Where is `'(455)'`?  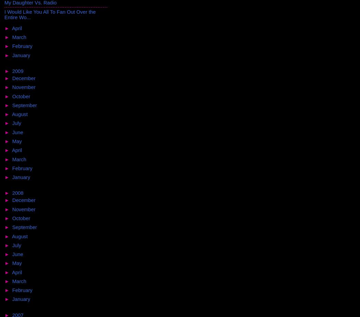
'(455)' is located at coordinates (24, 193).